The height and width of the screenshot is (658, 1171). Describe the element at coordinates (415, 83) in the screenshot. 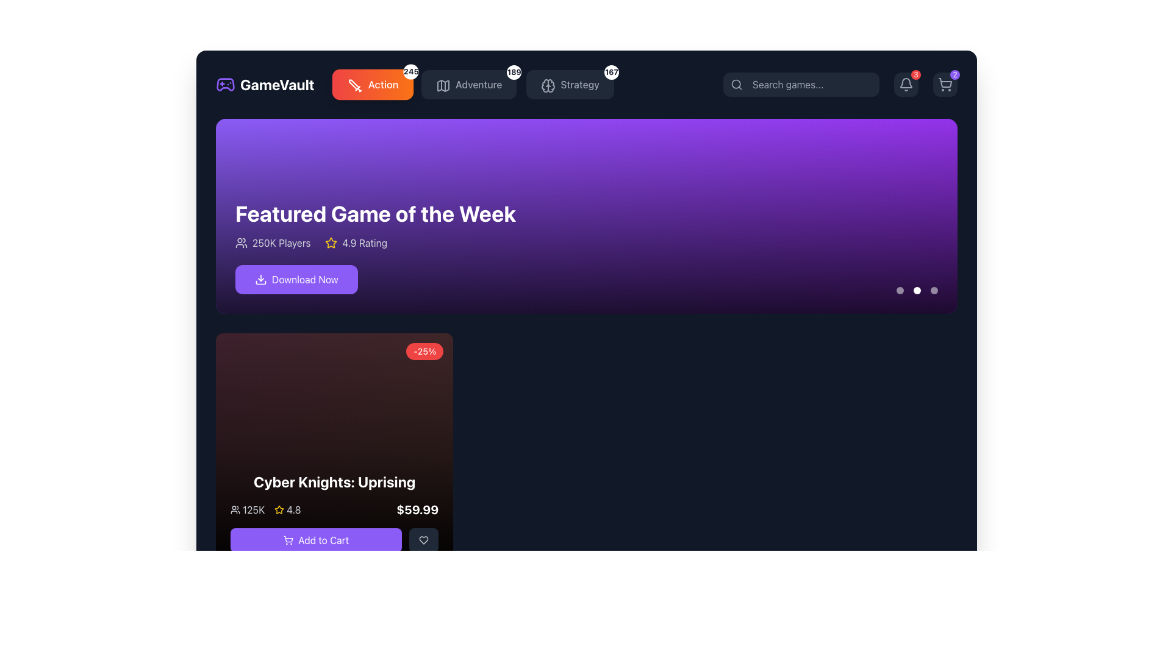

I see `the highlighted 'Action' button in the navigation bar` at that location.